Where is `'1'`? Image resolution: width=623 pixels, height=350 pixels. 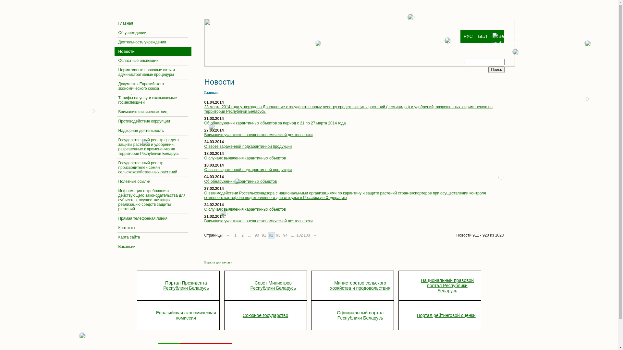
'1' is located at coordinates (235, 235).